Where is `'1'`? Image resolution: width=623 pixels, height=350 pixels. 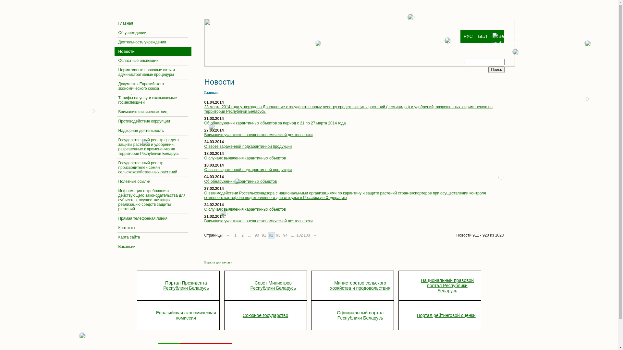
'1' is located at coordinates (235, 235).